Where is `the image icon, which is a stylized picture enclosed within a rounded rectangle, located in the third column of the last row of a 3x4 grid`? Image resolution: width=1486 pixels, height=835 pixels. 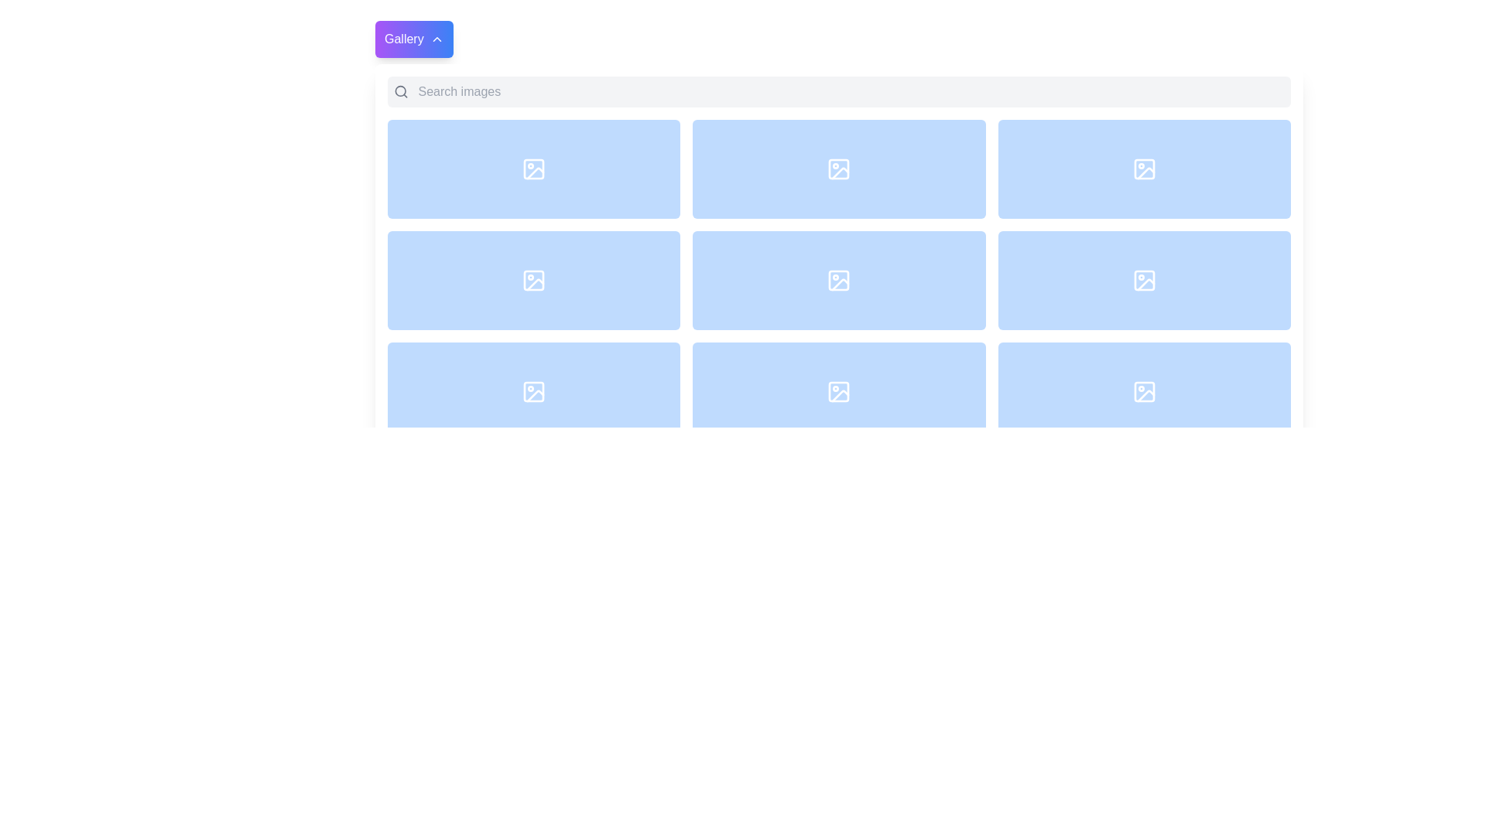 the image icon, which is a stylized picture enclosed within a rounded rectangle, located in the third column of the last row of a 3x4 grid is located at coordinates (534, 390).